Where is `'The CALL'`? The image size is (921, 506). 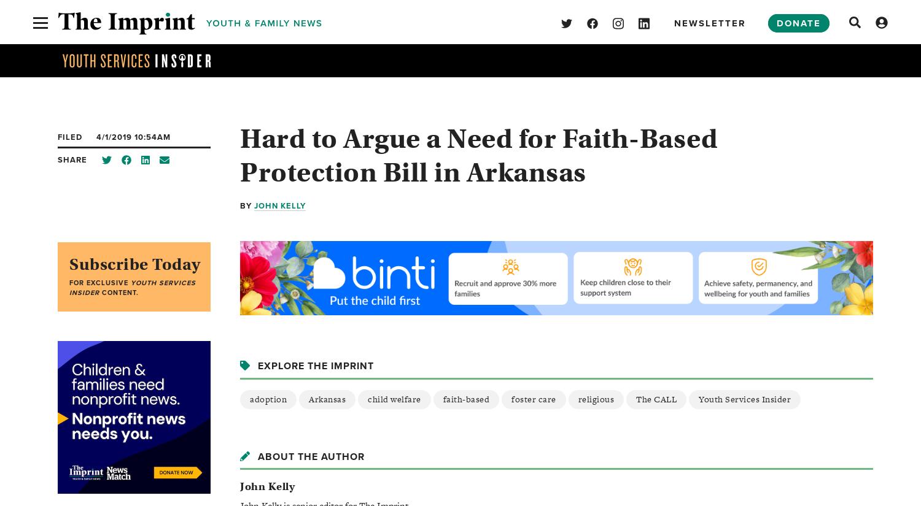
'The CALL' is located at coordinates (656, 399).